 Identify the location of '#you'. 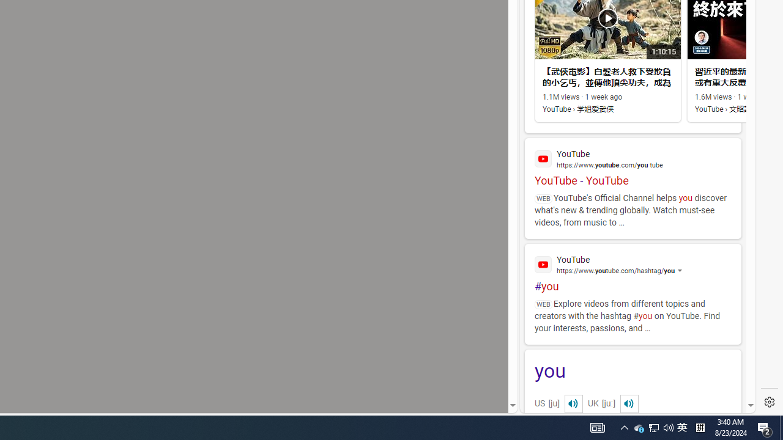
(633, 268).